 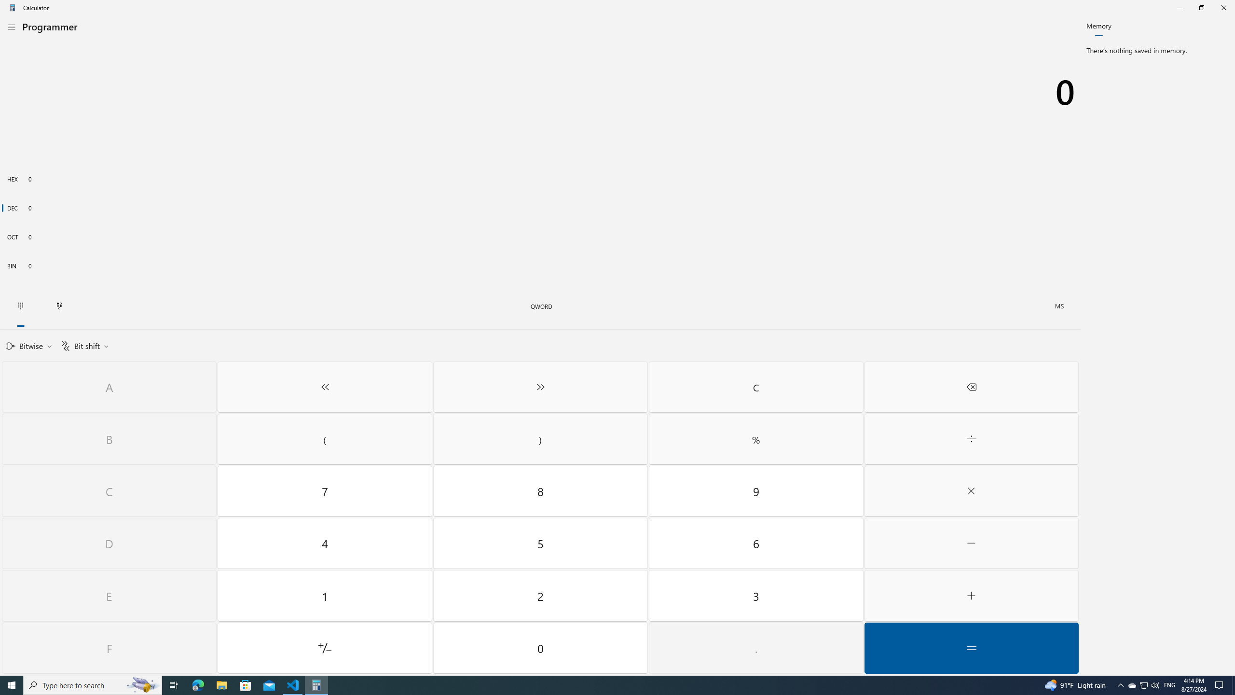 What do you see at coordinates (971, 647) in the screenshot?
I see `'Equals'` at bounding box center [971, 647].